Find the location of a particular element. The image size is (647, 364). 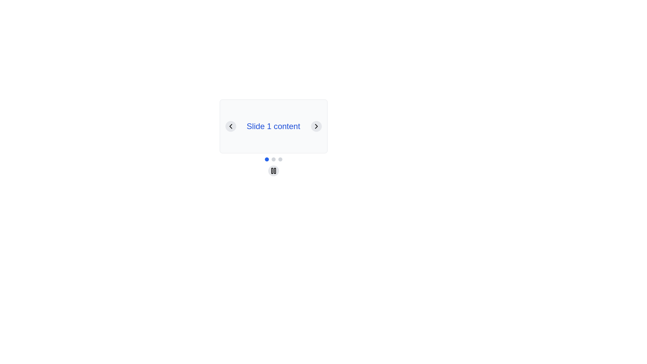

the central text area displaying 'Slide 1 content' in a bold blue font, which is part of a carousel or slider control is located at coordinates (273, 126).